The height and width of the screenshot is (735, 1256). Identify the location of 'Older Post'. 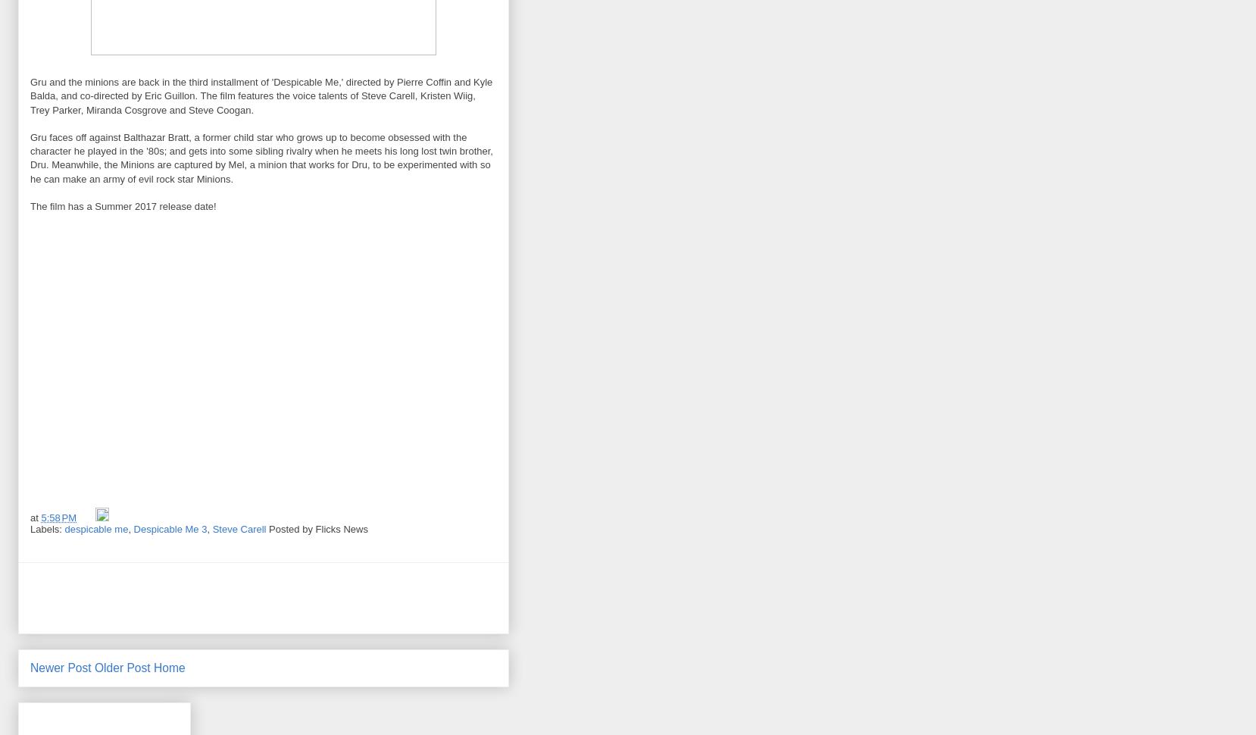
(93, 667).